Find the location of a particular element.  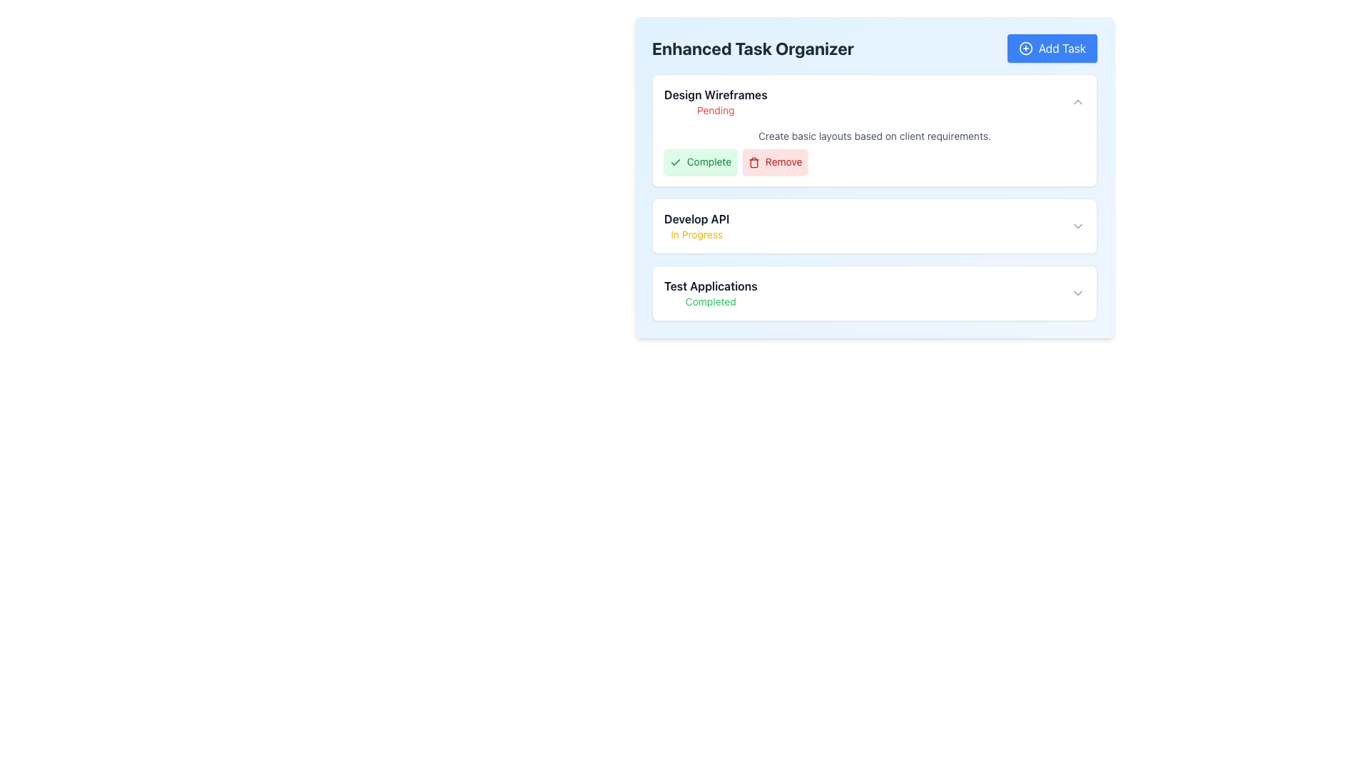

the button located at the top-right corner of the 'Enhanced Task Organizer' box is located at coordinates (1052, 48).